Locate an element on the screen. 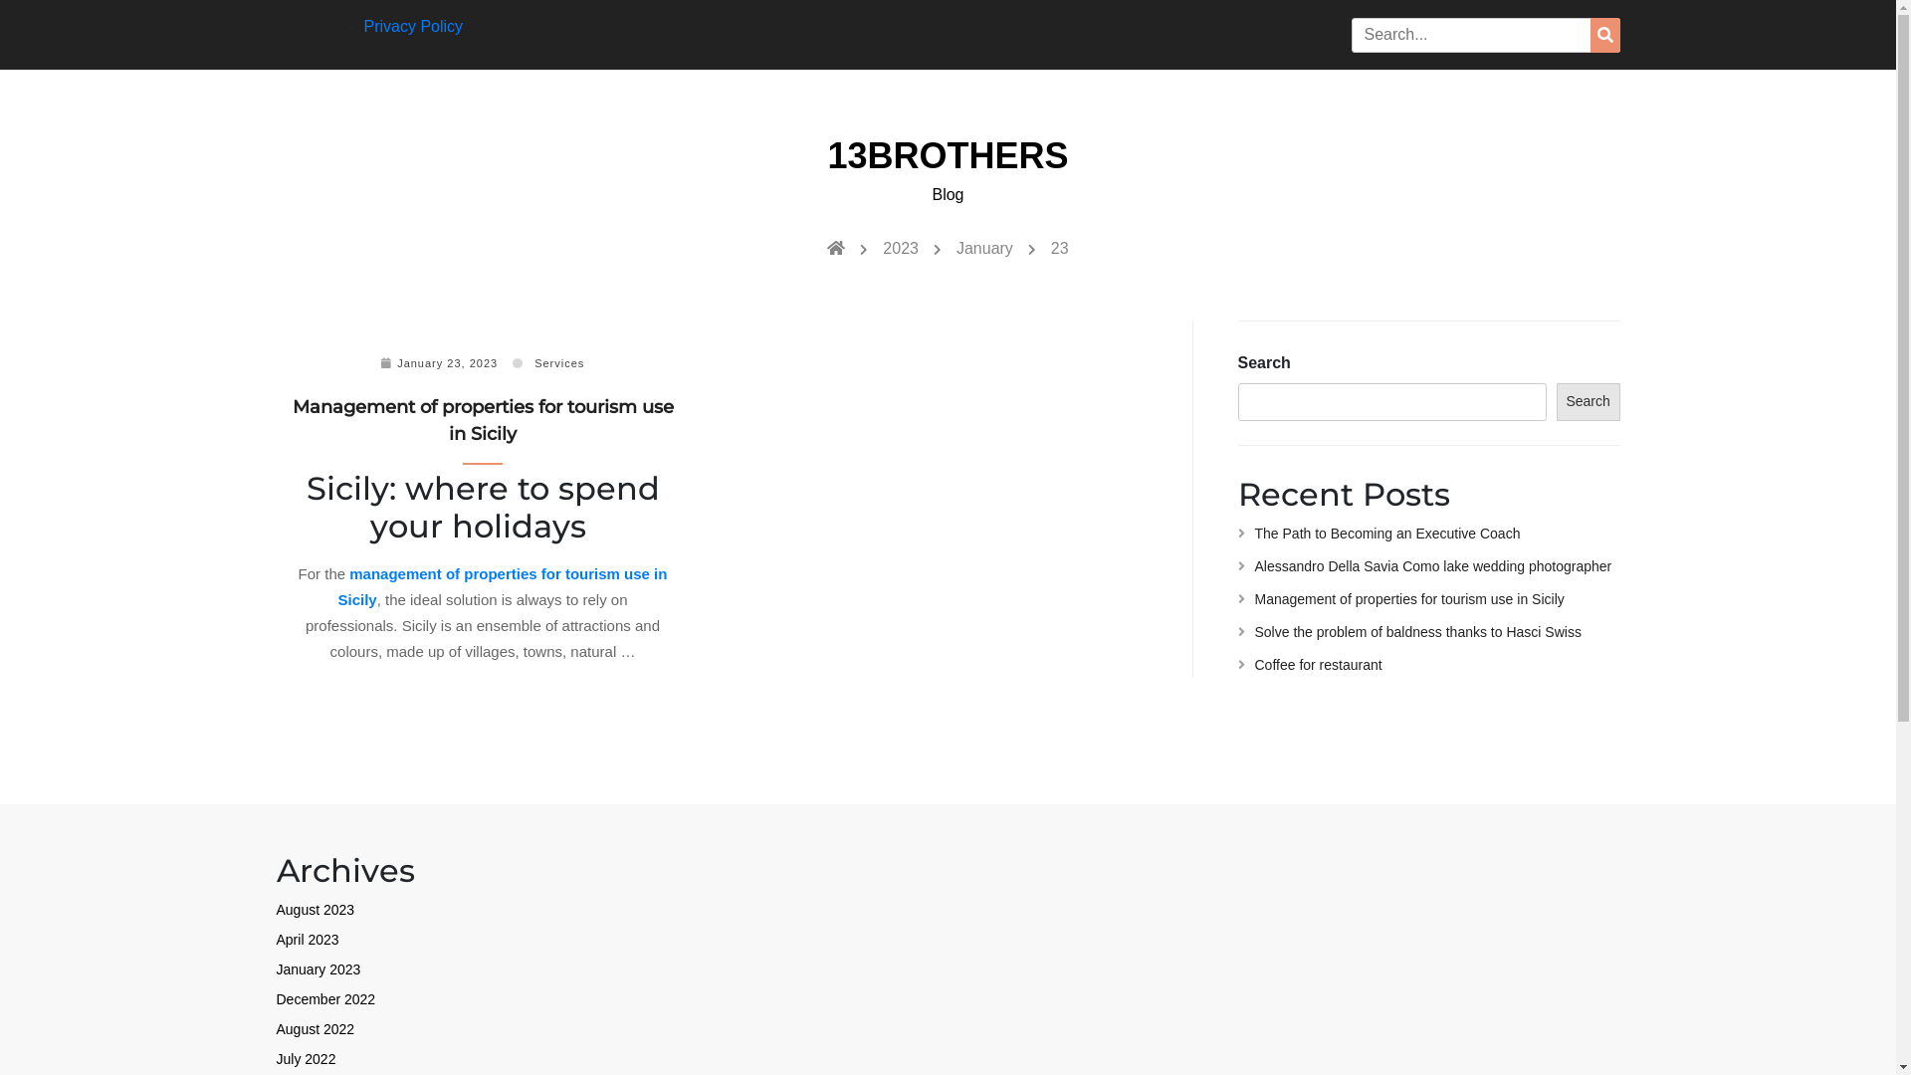 This screenshot has height=1075, width=1911. 'Management of properties for tourism use in Sicily' is located at coordinates (1399, 597).